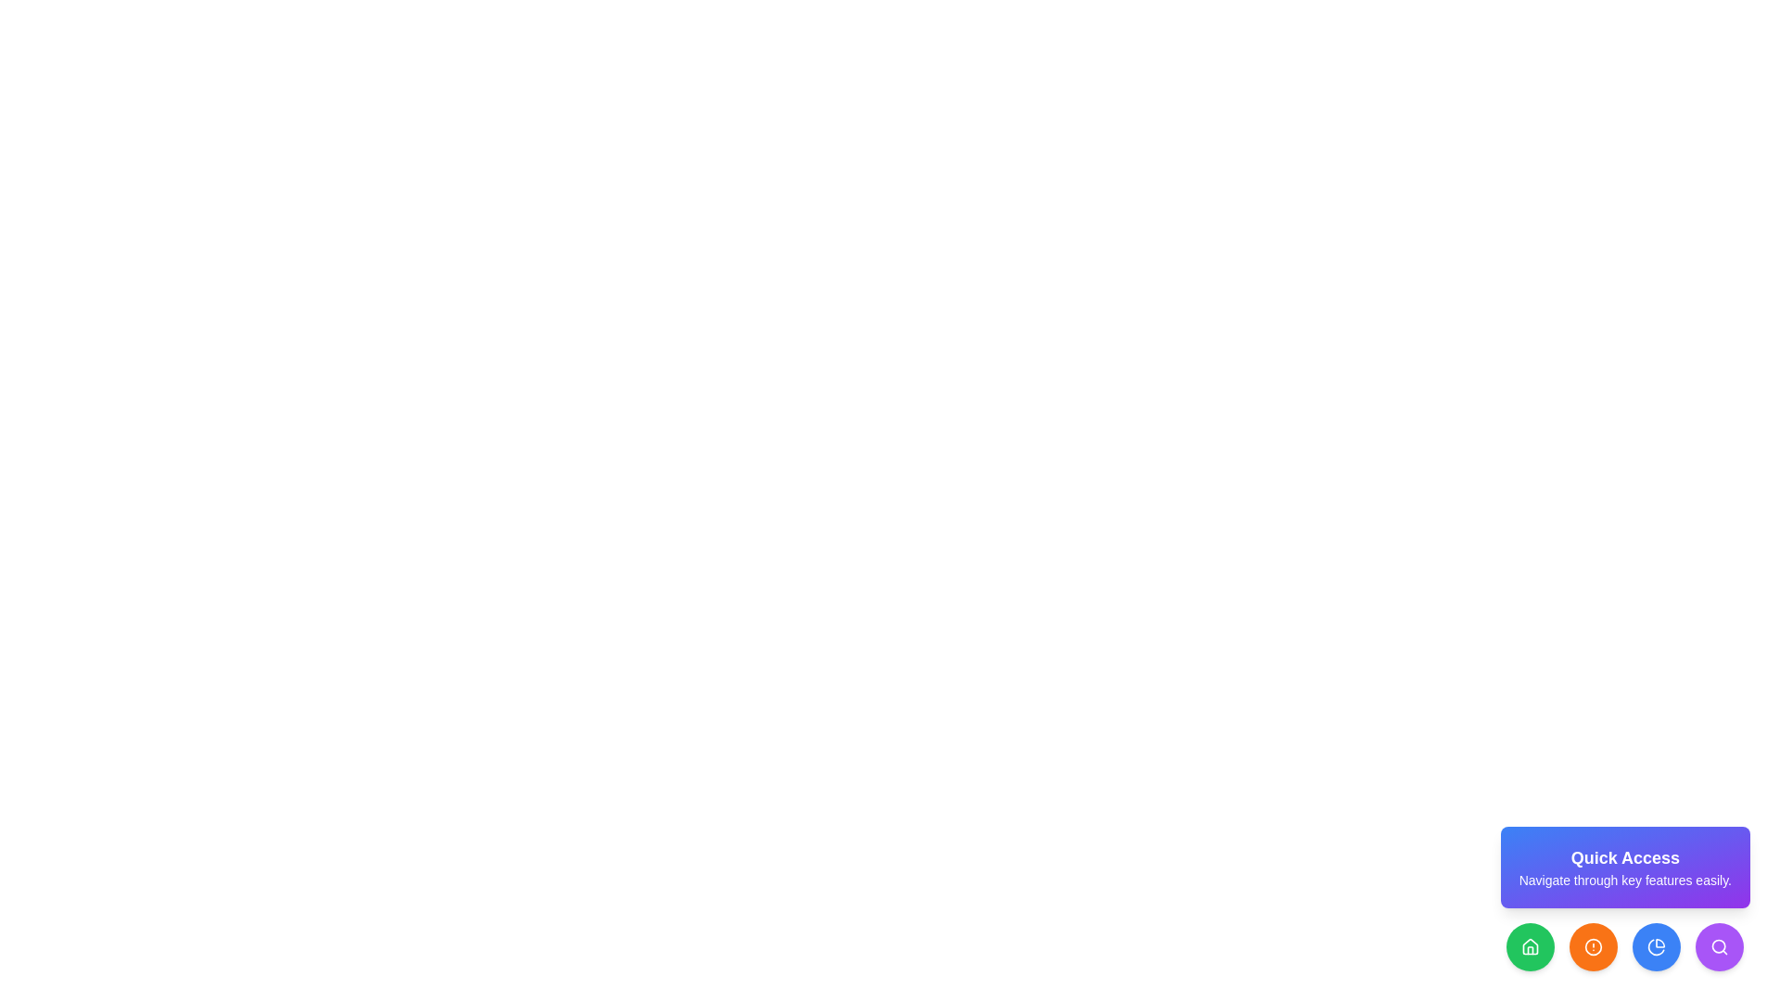 The image size is (1780, 1001). What do you see at coordinates (1624, 868) in the screenshot?
I see `the Informational banner labeled 'Quick Access' with a gradient background transitioning from blue to purple, which contains two lines of white text` at bounding box center [1624, 868].